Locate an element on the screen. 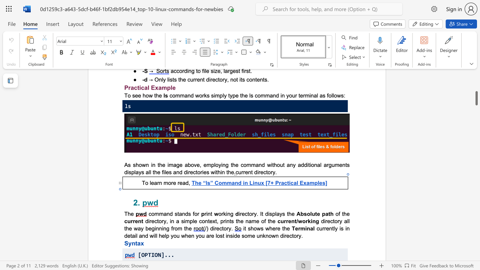  the 1th character "n" in the text is located at coordinates (315, 164).